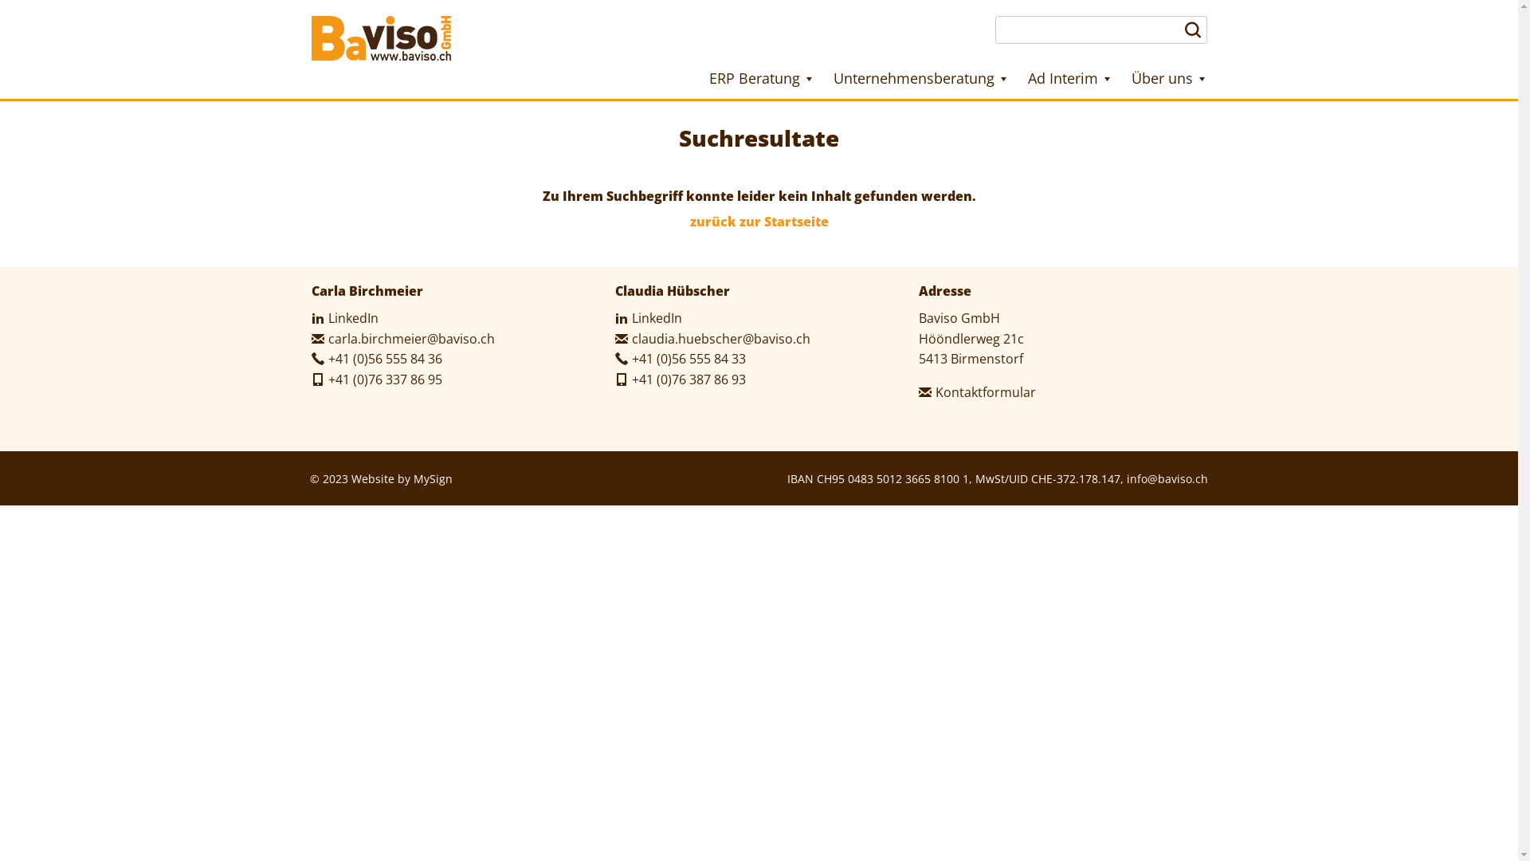 The width and height of the screenshot is (1530, 861). Describe the element at coordinates (921, 78) in the screenshot. I see `'Unternehmensberatung'` at that location.